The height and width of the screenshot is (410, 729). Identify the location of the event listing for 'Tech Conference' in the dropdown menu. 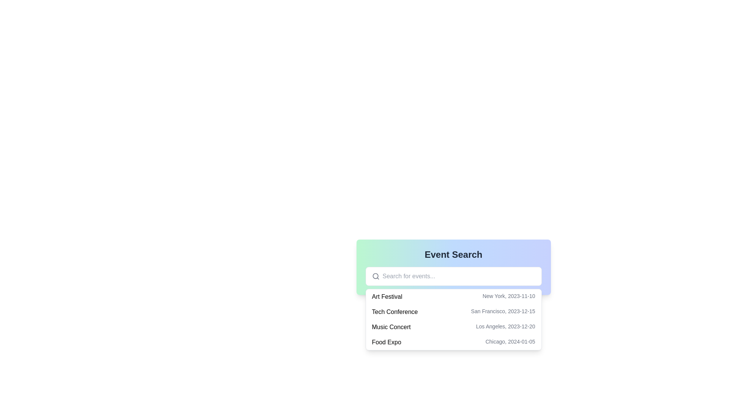
(453, 312).